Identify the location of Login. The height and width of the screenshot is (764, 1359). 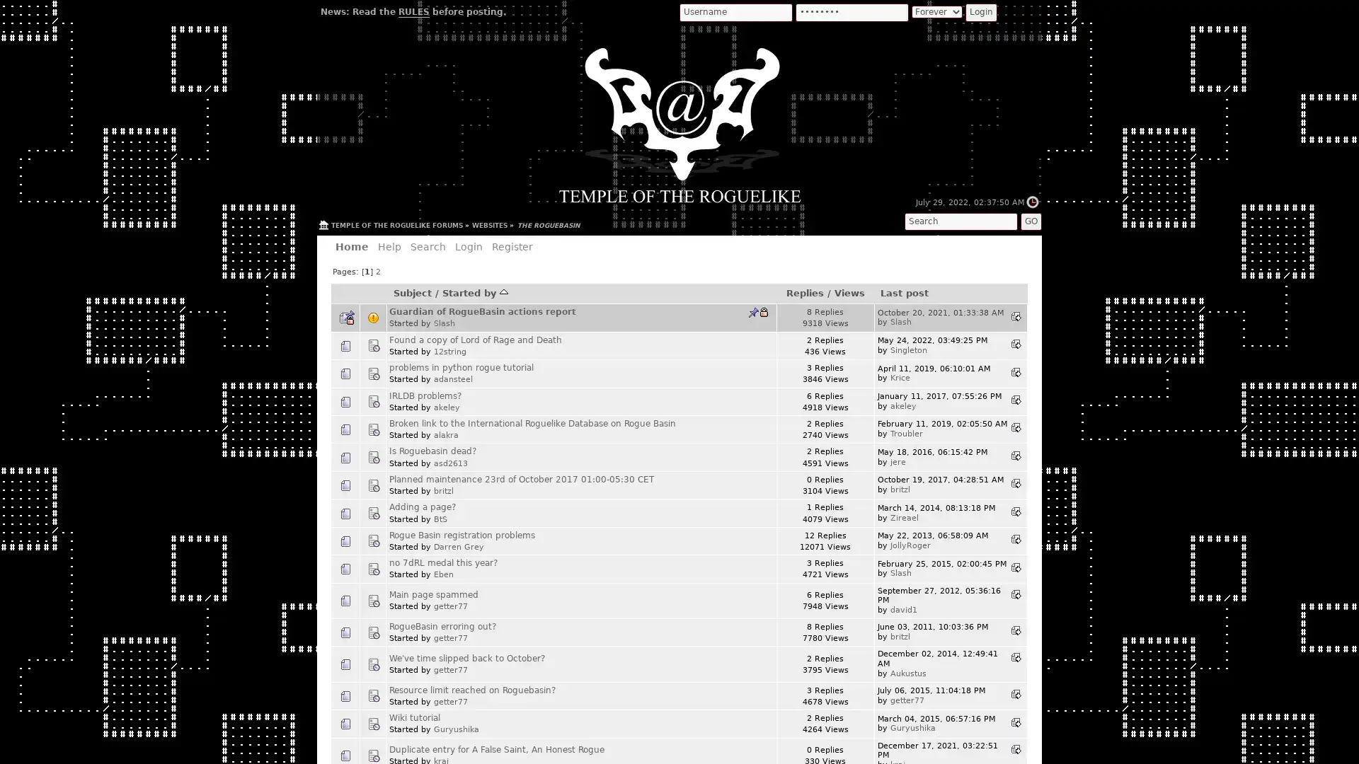
(980, 12).